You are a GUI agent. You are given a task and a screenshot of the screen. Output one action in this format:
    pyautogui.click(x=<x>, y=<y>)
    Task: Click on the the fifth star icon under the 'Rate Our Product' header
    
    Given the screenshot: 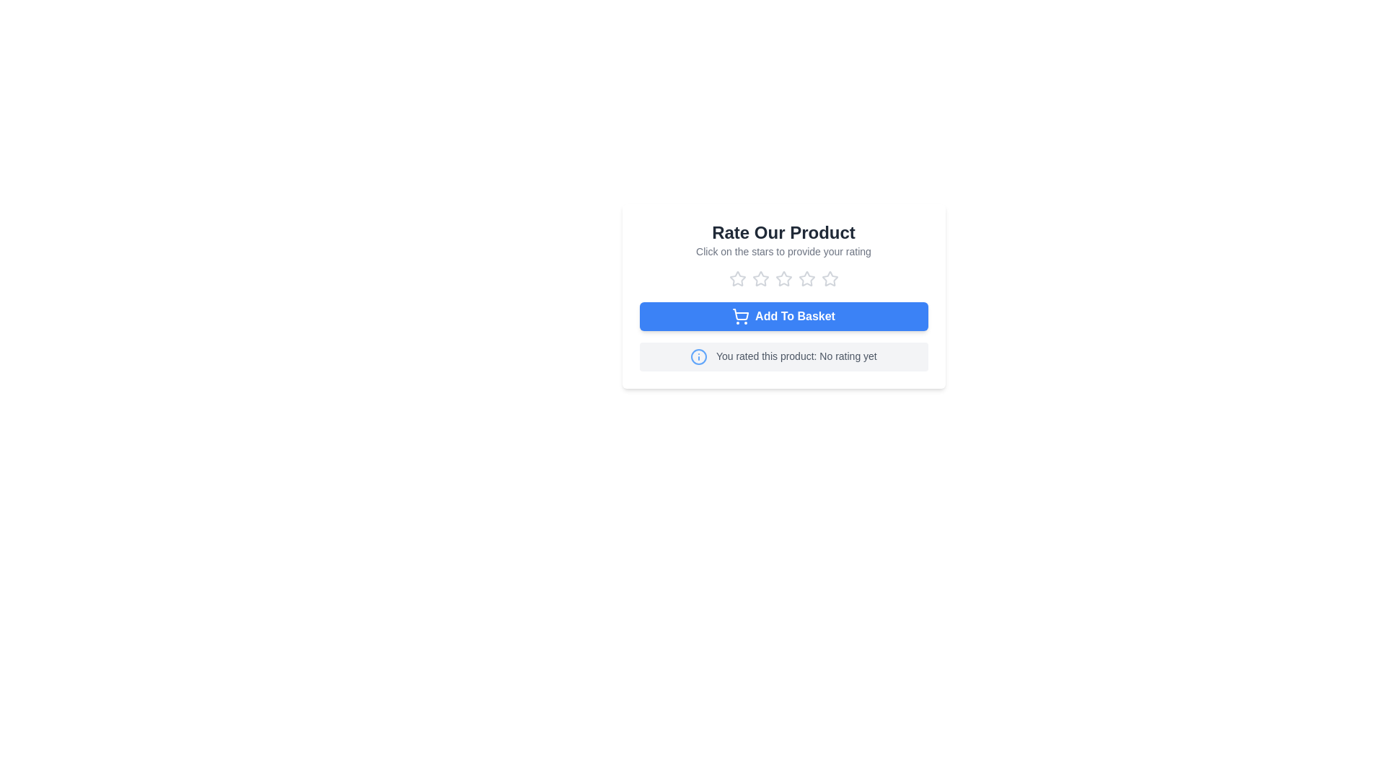 What is the action you would take?
    pyautogui.click(x=830, y=278)
    